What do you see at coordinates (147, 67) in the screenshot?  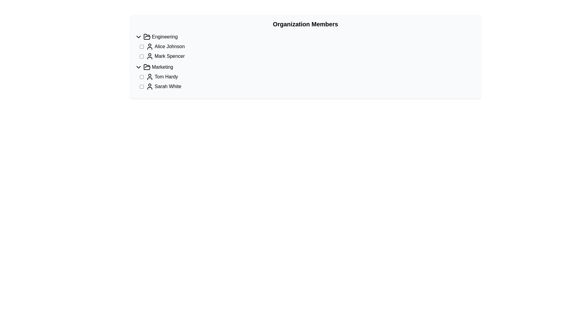 I see `the stylized folder icon located in the 'Marketing' section header on the left side of the interface` at bounding box center [147, 67].